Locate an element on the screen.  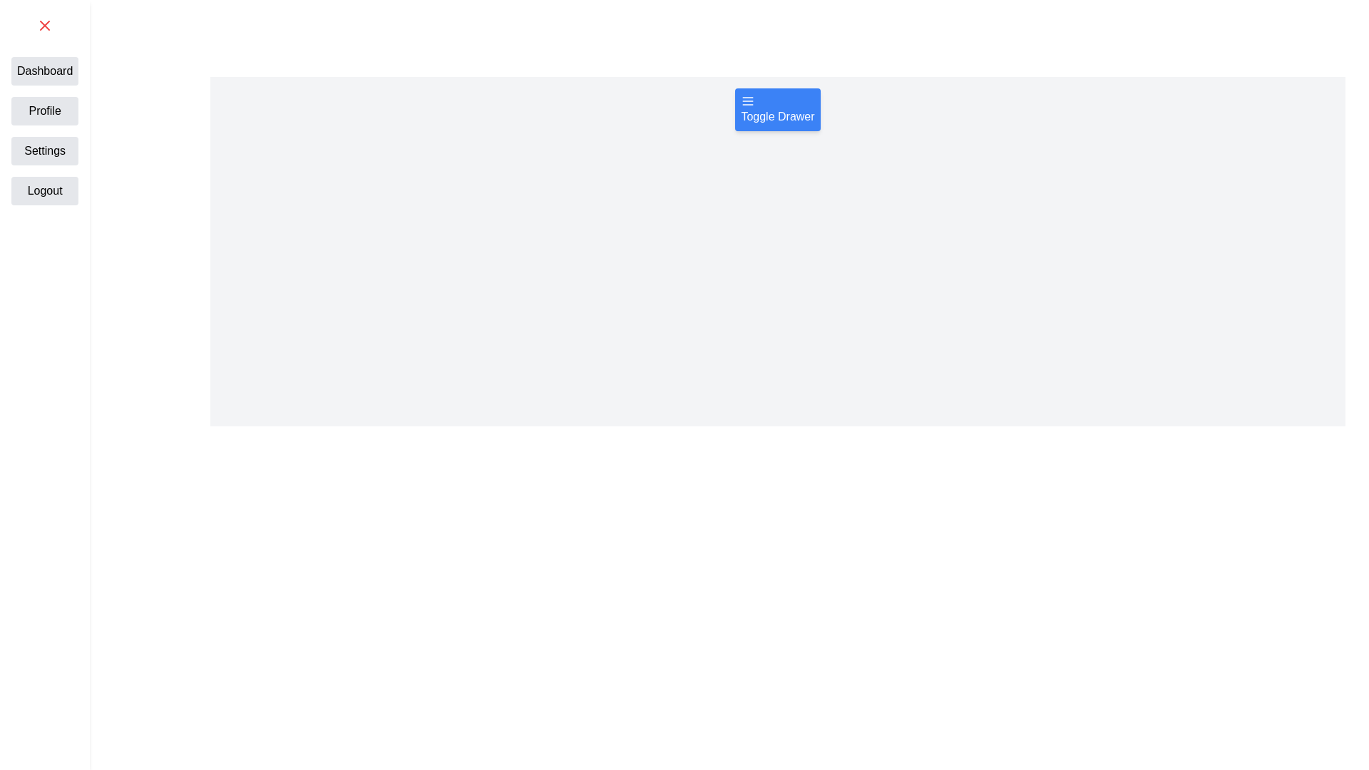
the navigation item Profile from the drawer menu is located at coordinates (44, 110).